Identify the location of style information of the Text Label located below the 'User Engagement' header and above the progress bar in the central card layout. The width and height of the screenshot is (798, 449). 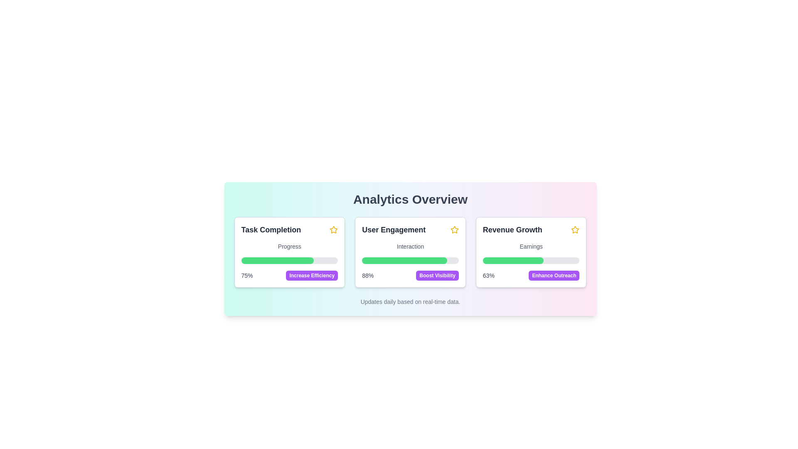
(410, 246).